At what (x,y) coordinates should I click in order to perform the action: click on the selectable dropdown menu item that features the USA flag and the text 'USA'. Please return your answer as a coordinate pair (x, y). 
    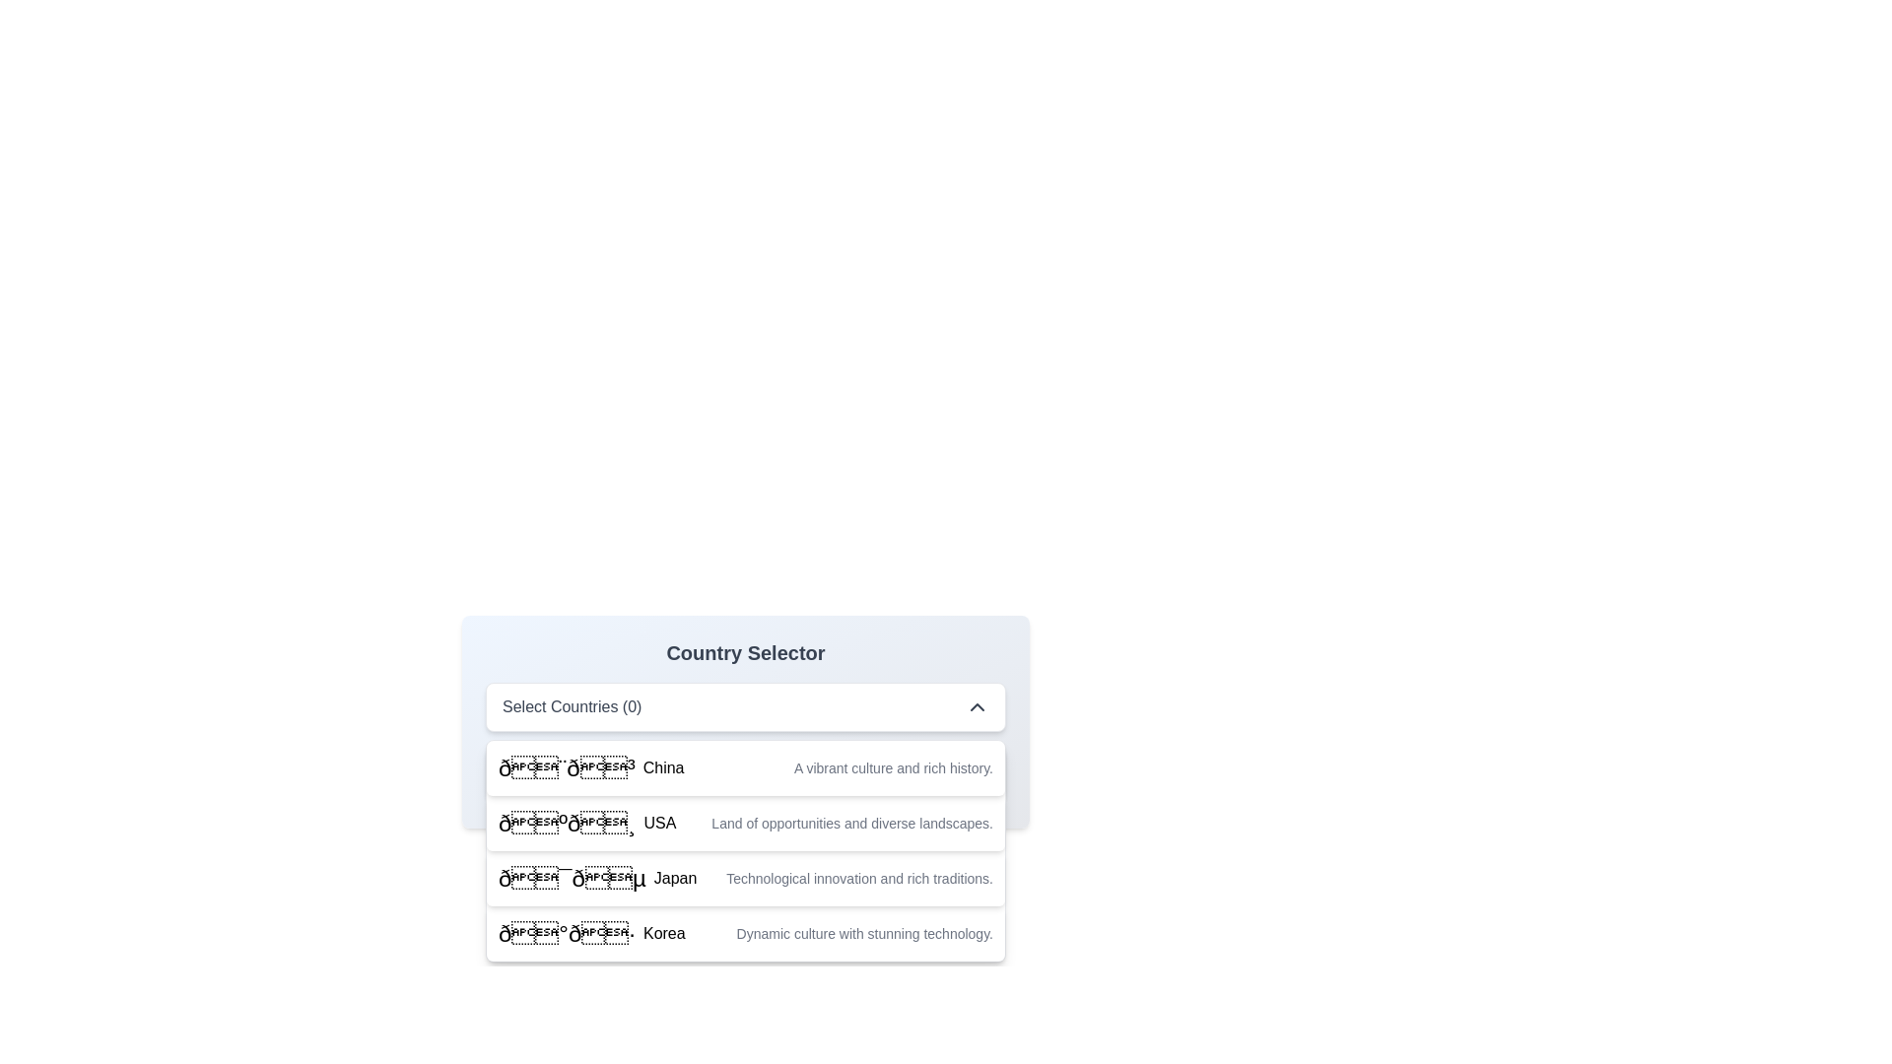
    Looking at the image, I should click on (745, 824).